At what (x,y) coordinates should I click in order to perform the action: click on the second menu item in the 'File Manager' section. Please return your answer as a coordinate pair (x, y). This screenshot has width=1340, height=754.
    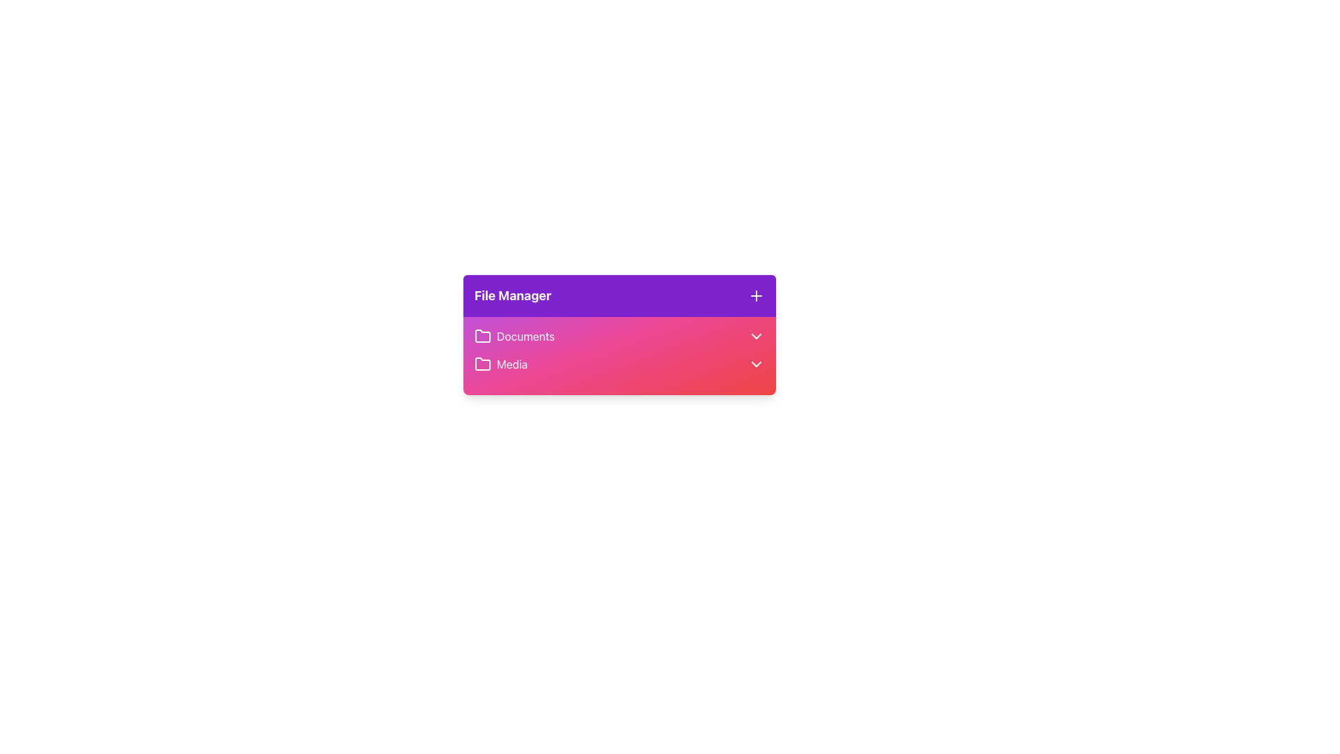
    Looking at the image, I should click on (619, 363).